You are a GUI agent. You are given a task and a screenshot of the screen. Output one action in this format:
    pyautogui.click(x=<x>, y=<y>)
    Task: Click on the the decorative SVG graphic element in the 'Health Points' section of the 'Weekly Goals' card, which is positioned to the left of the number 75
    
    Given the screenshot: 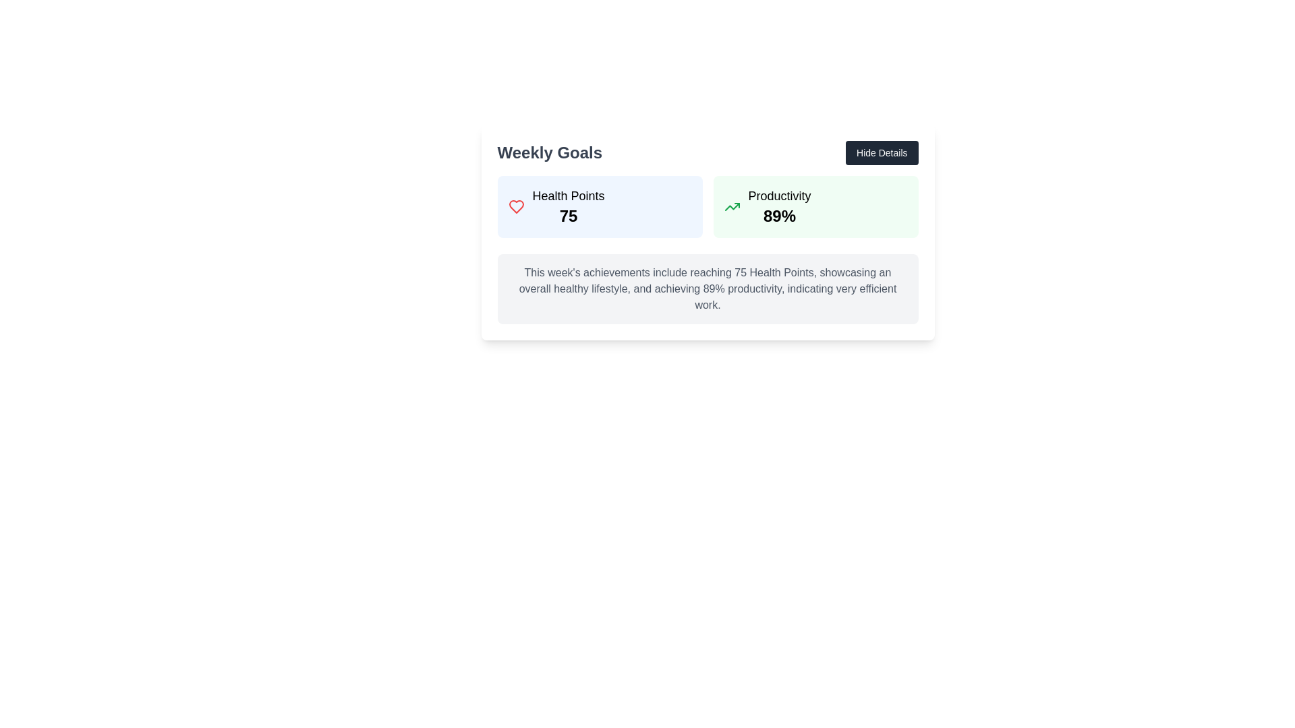 What is the action you would take?
    pyautogui.click(x=515, y=207)
    